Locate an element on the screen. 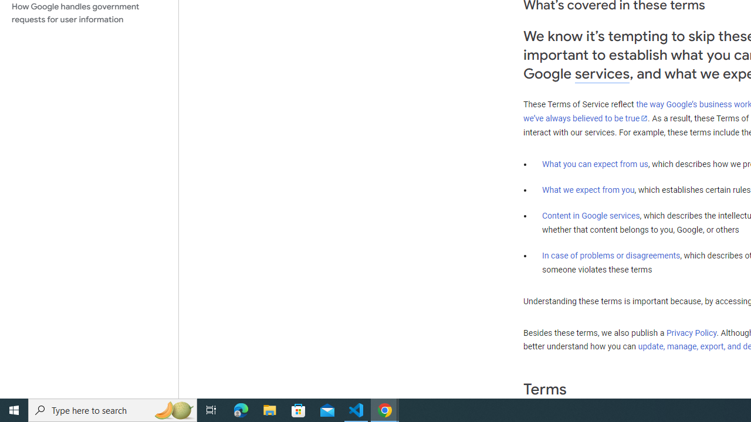 This screenshot has width=751, height=422. 'Content in Google services' is located at coordinates (591, 216).